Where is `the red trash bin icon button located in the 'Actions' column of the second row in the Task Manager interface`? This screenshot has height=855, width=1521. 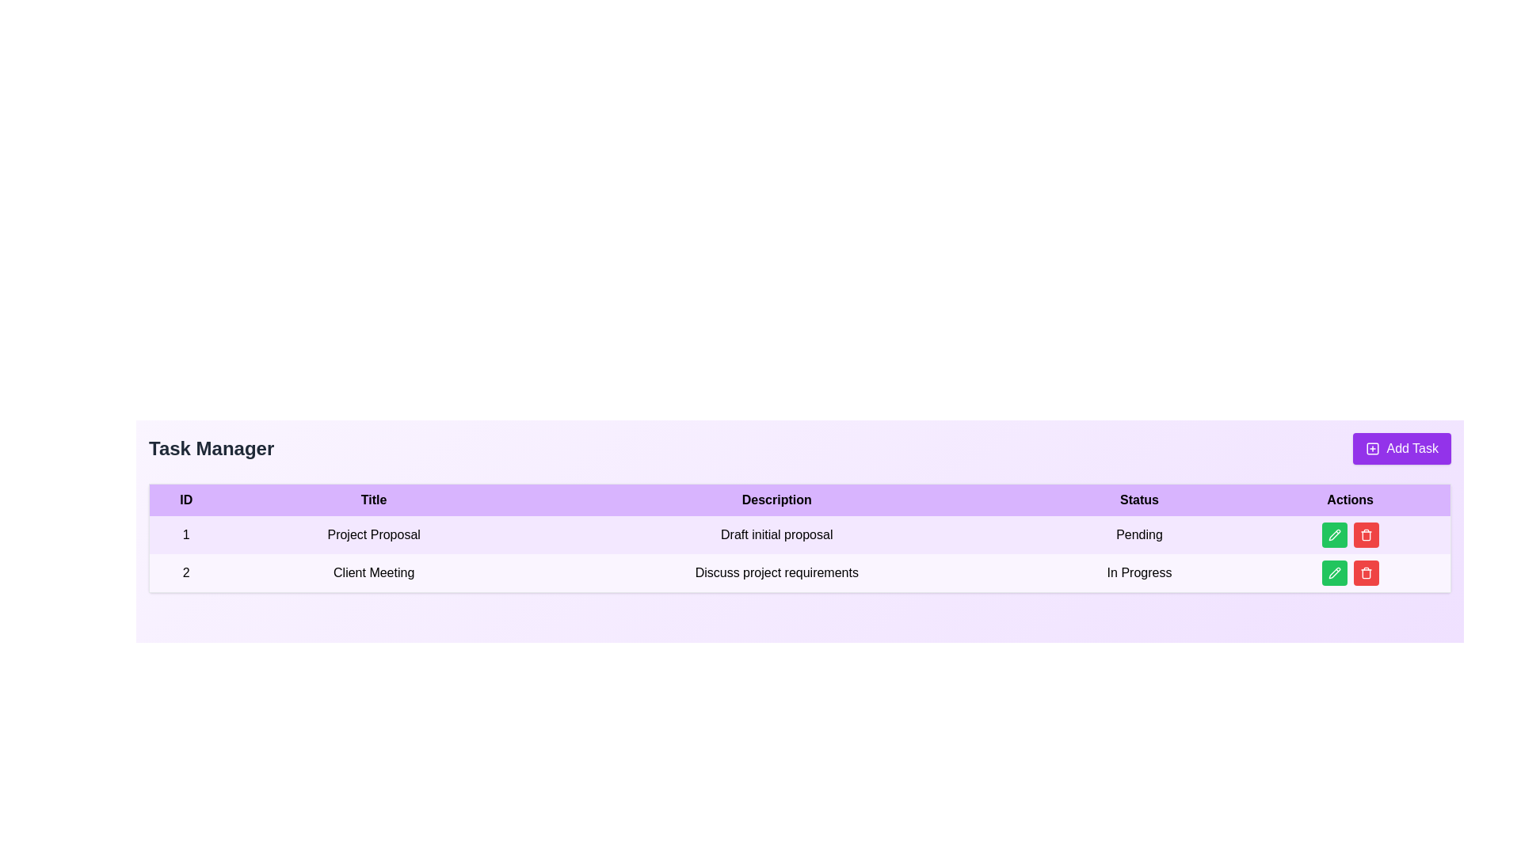
the red trash bin icon button located in the 'Actions' column of the second row in the Task Manager interface is located at coordinates (1365, 573).